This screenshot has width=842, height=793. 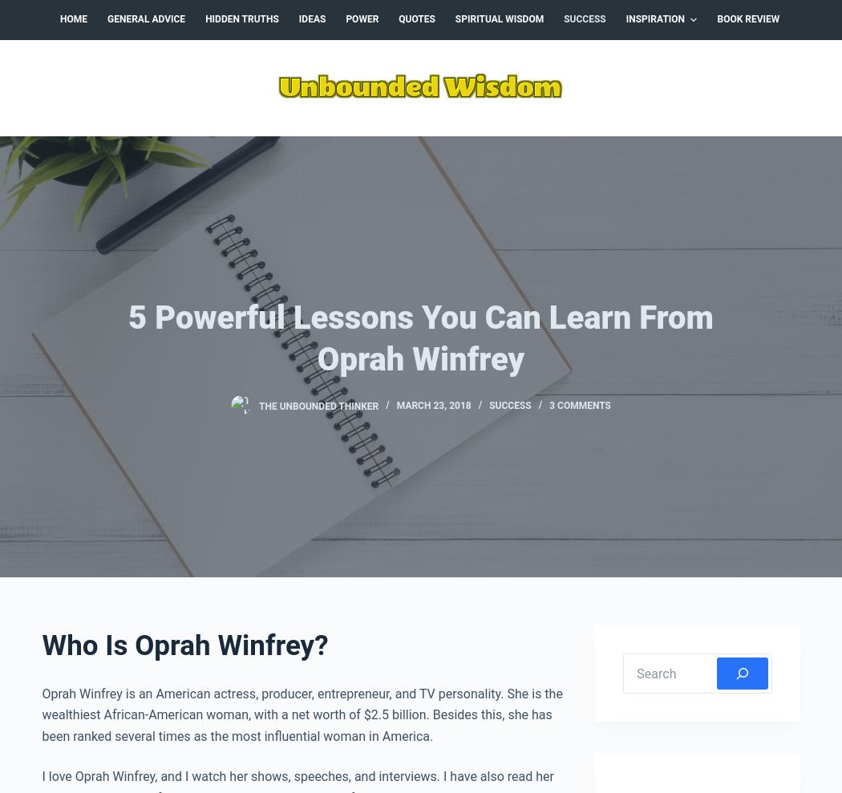 I want to click on 'I really enjoyed your post. Especially the part about naysayers. I just quit my 9-5 job to work full time on my blog and had a few questions about my decisions. Mostly out of concern, but luckily no one really discouraged me. Not that I would have listened, lol. I feel each person has to follow their own deals, goals, etc regardless of what the next person thinks or what they would do themselves.We each have our own path that we have to follow 🙂 Thanks for sharing.', so click(x=419, y=577).